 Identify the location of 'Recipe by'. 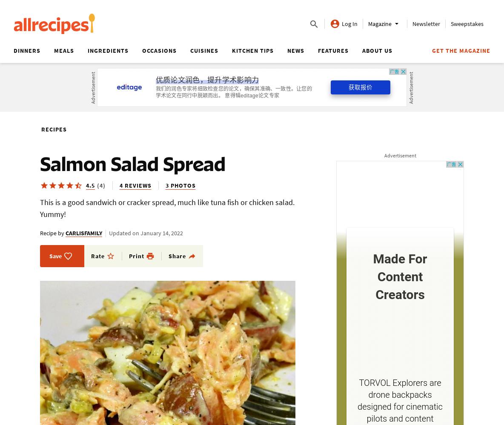
(52, 232).